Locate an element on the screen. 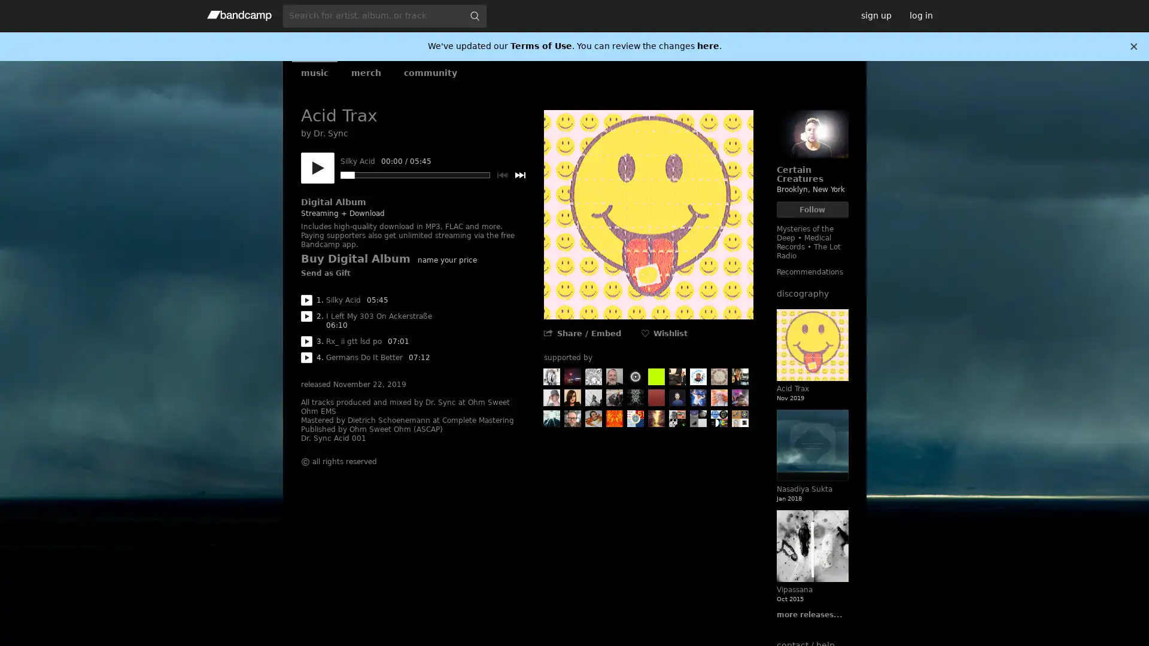 The height and width of the screenshot is (646, 1149). Play/pause is located at coordinates (317, 168).